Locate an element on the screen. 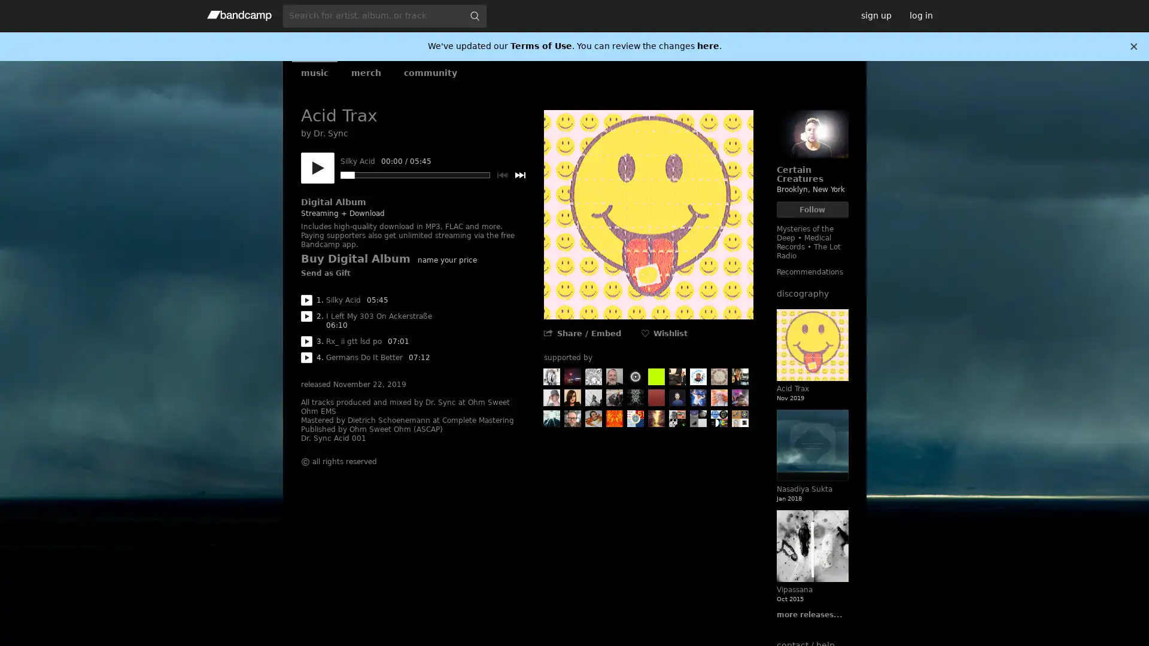 The height and width of the screenshot is (646, 1149). Play/pause is located at coordinates (317, 168).